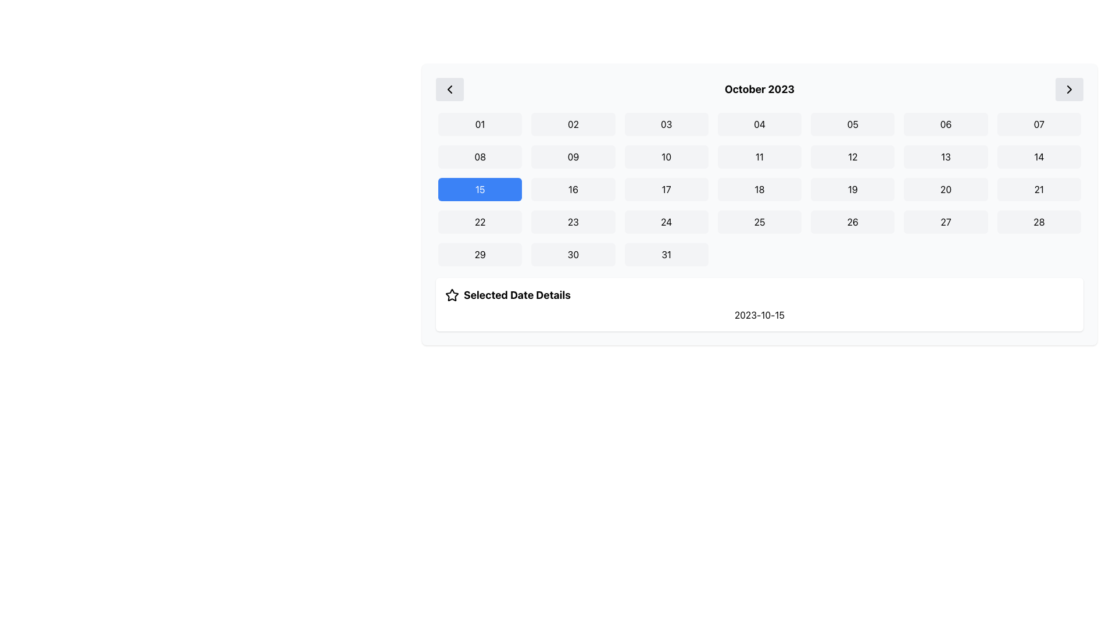 The width and height of the screenshot is (1116, 628). I want to click on the button representing the ninth day of the month in the calendar grid, so click(573, 157).